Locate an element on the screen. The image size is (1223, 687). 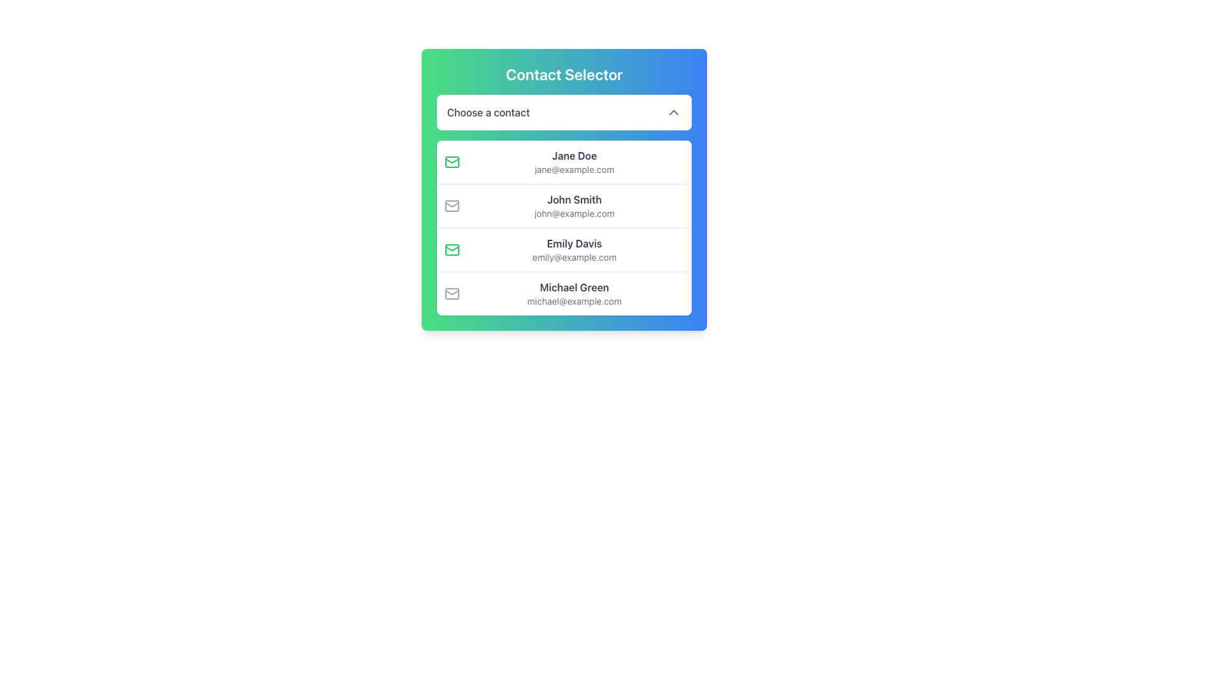
text label displaying 'Michael Green' located in the fourth selectable card of the 'Contact Selector' interface is located at coordinates (574, 287).